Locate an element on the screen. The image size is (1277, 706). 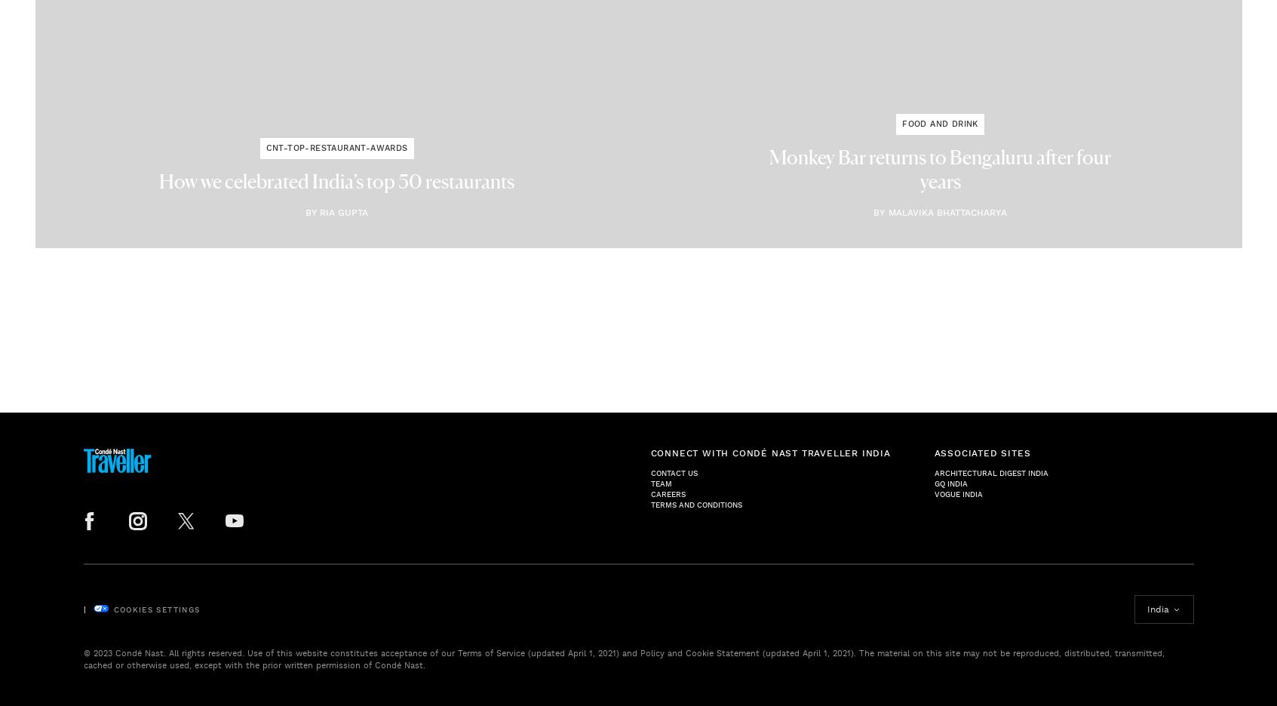
'Architectural Digest India' is located at coordinates (990, 471).